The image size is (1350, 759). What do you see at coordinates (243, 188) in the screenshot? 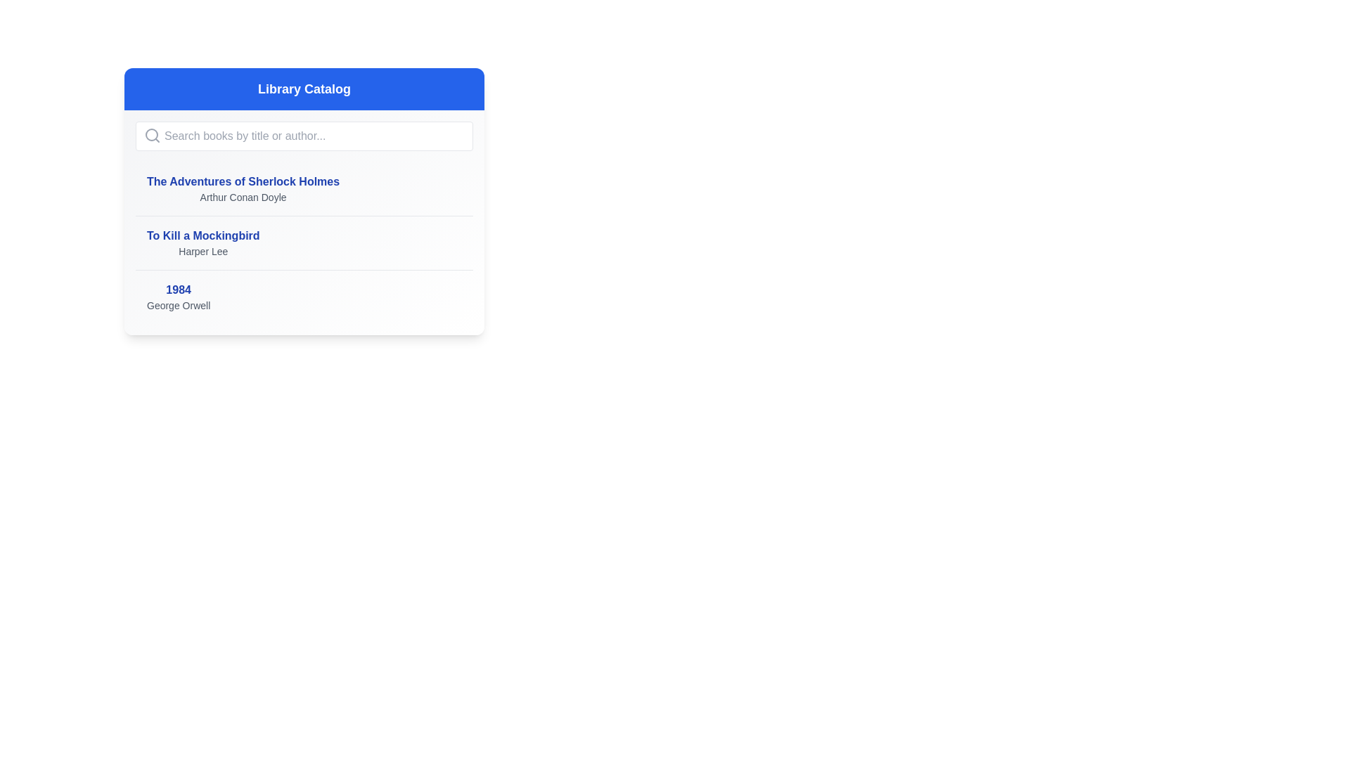
I see `the first book entry in the library catalog, which includes the book title and author name, located directly below the search bar` at bounding box center [243, 188].